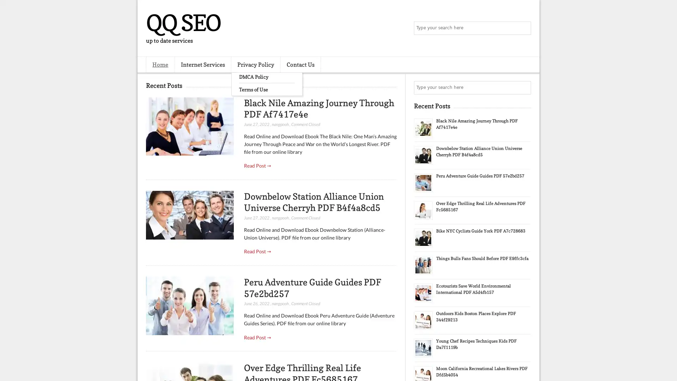 The width and height of the screenshot is (677, 381). What do you see at coordinates (524, 28) in the screenshot?
I see `Search` at bounding box center [524, 28].